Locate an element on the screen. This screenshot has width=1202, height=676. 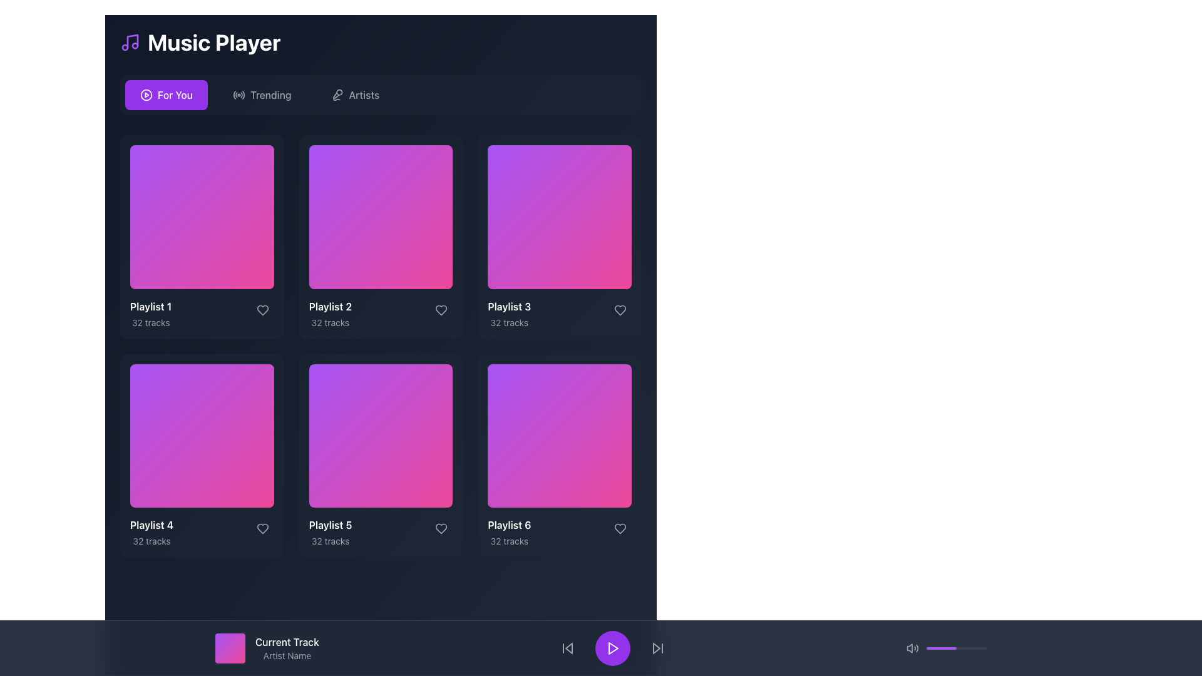
the volume slider is located at coordinates (939, 648).